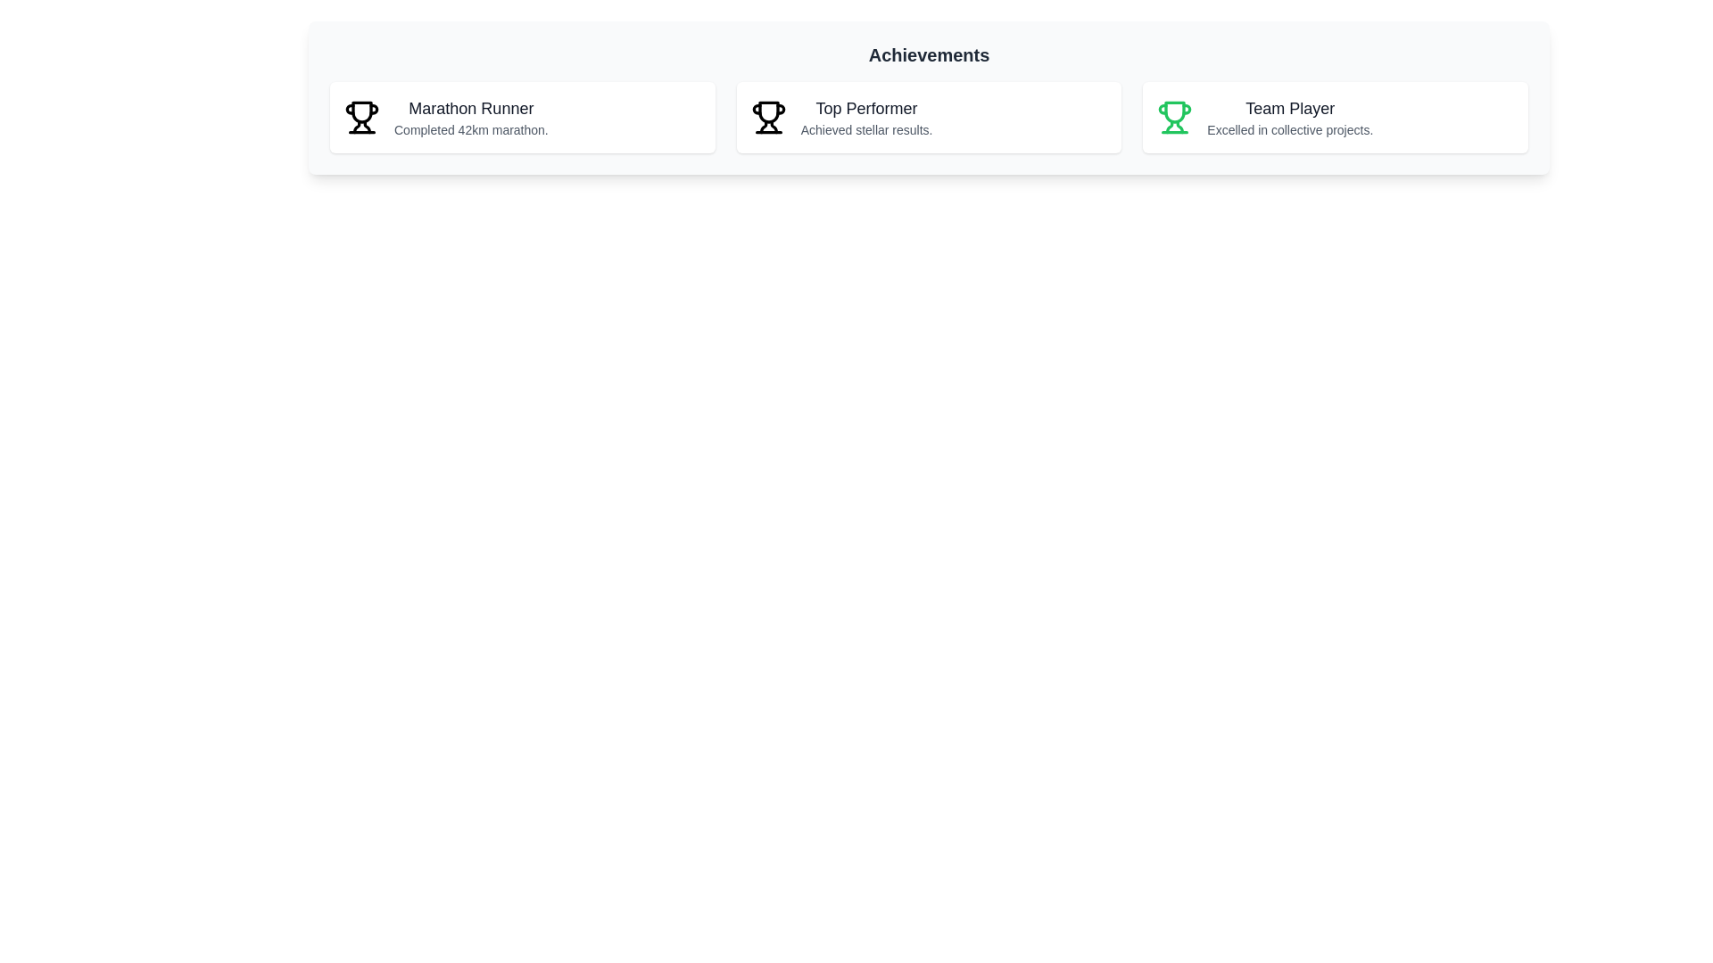 The width and height of the screenshot is (1713, 963). Describe the element at coordinates (768, 117) in the screenshot. I see `the 'Top Performer' achievement icon located at the top-left corner of the corresponding card` at that location.